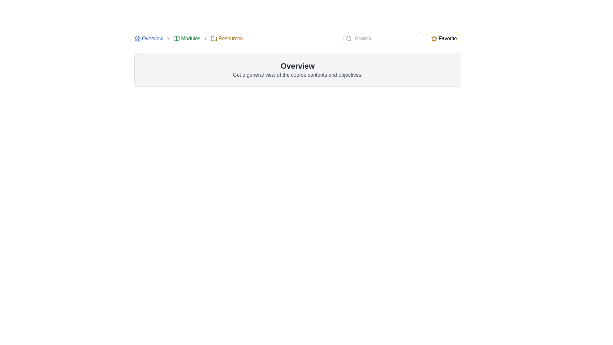 The image size is (613, 345). Describe the element at coordinates (168, 38) in the screenshot. I see `the small right-facing chevron icon in the breadcrumb navigation interface, which is positioned between the 'Overview' and 'Modules' links` at that location.